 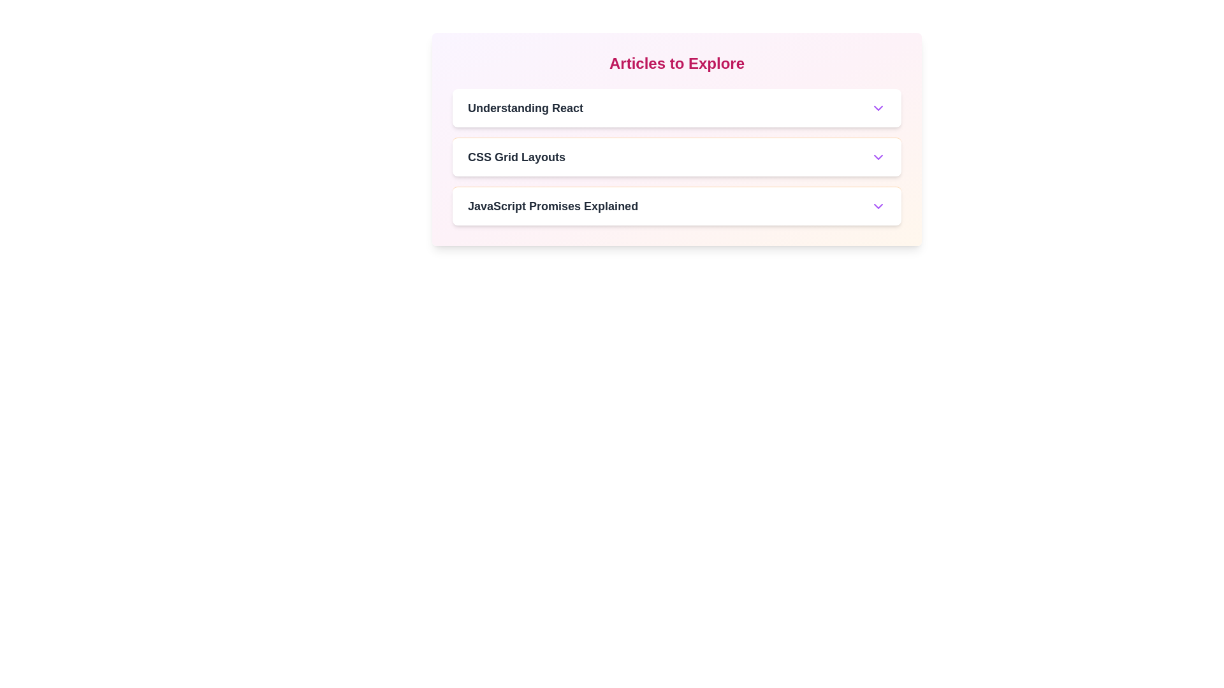 I want to click on the header text 'Articles to Explore', so click(x=676, y=64).